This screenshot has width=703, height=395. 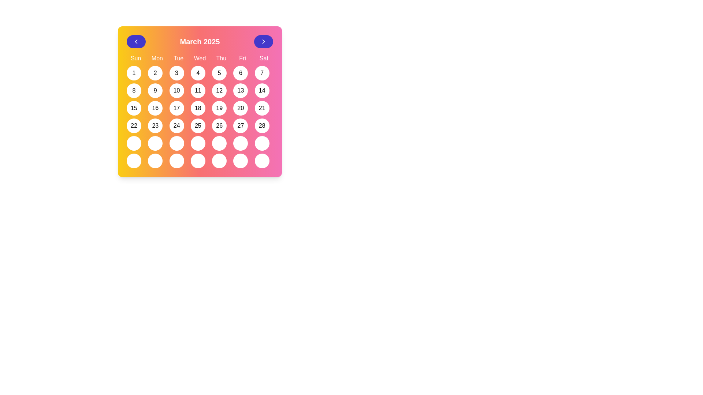 I want to click on the calendar title text that displays the current month and year, located centrally in the header section of the calendar view, so click(x=200, y=42).